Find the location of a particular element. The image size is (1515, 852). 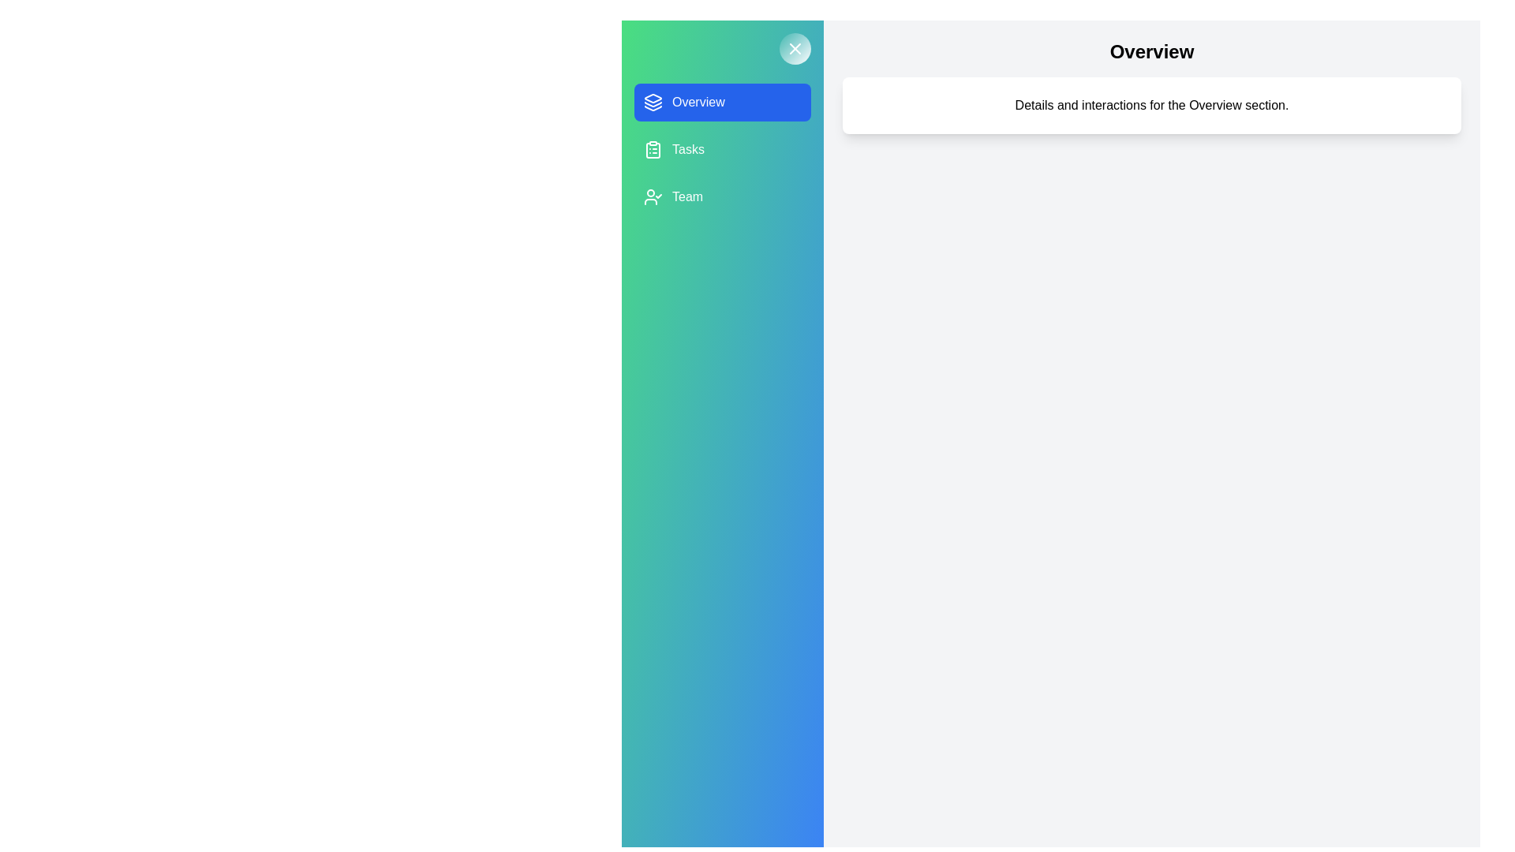

the project Team from the list is located at coordinates (722, 196).